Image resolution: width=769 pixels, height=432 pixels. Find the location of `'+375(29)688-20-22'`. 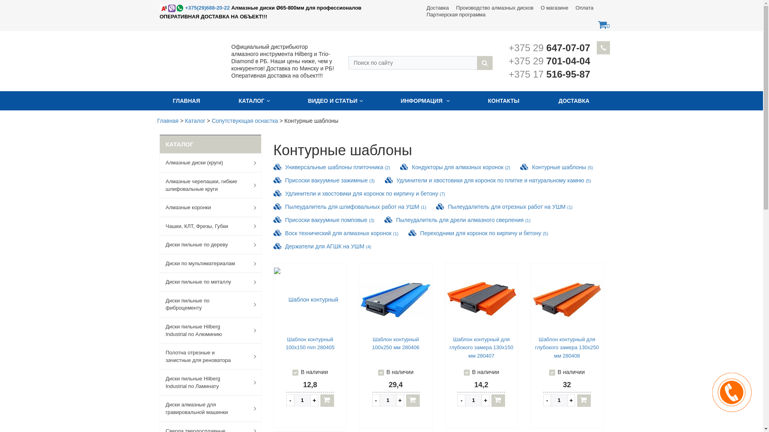

'+375(29)688-20-22' is located at coordinates (195, 8).